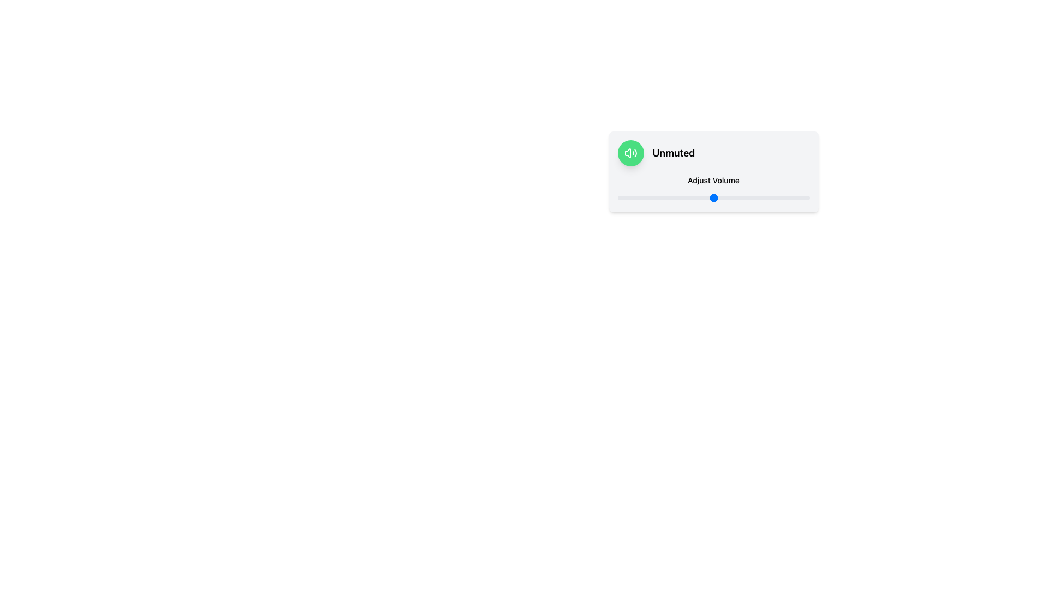 This screenshot has width=1048, height=589. I want to click on the volume, so click(704, 197).